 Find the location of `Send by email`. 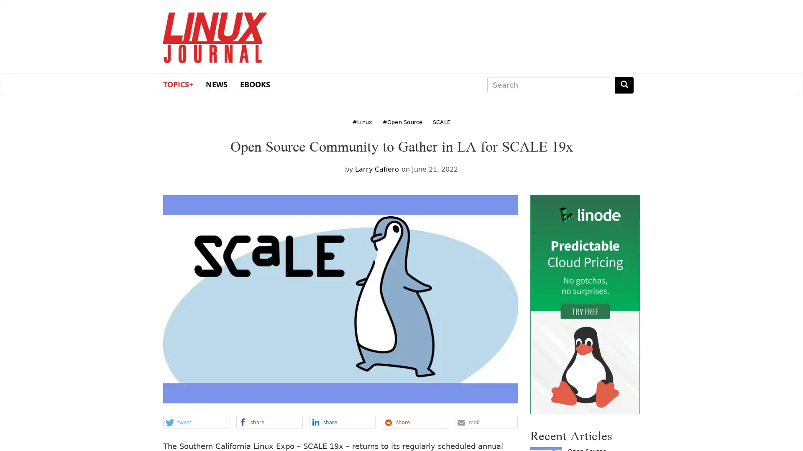

Send by email is located at coordinates (486, 422).